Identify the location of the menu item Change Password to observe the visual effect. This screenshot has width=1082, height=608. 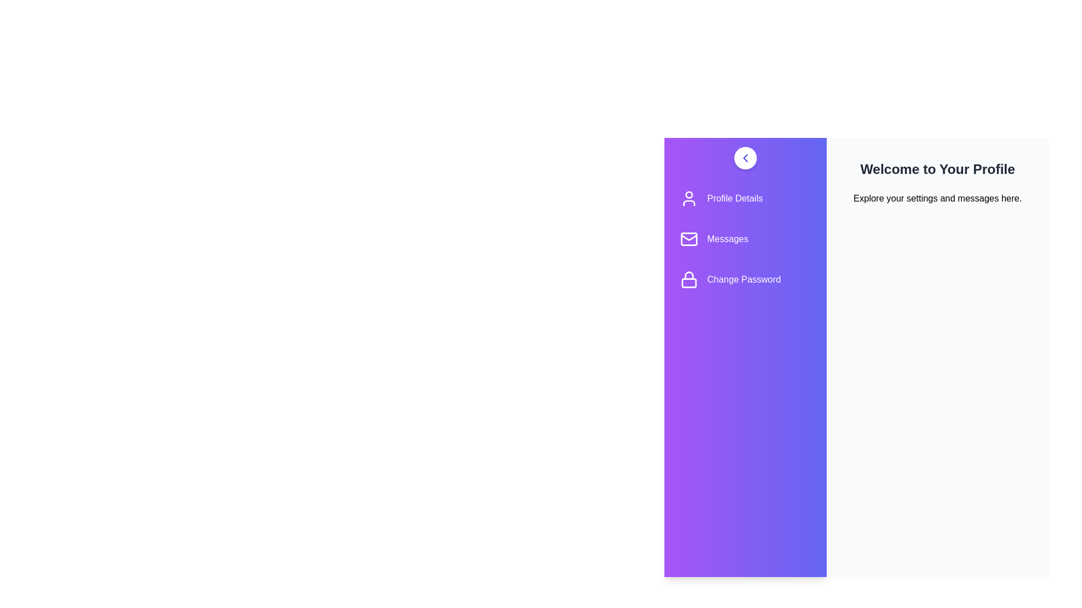
(746, 279).